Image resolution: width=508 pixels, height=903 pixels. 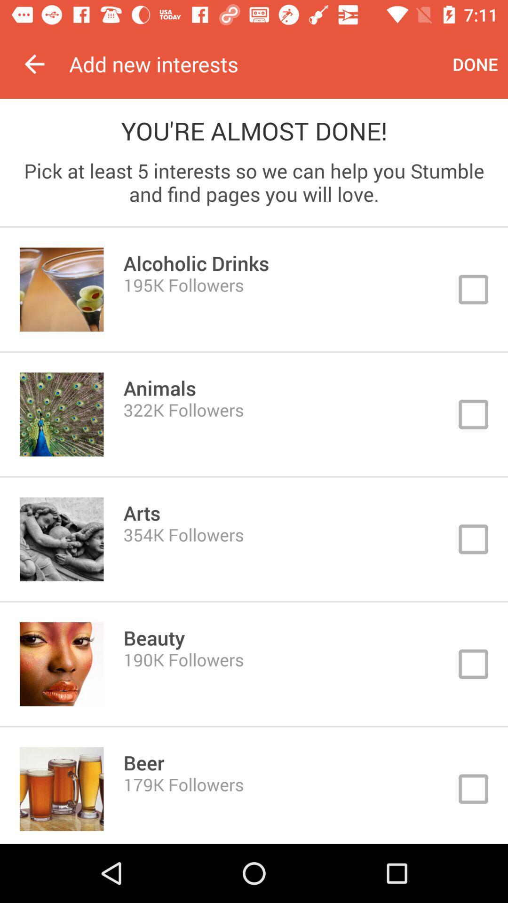 I want to click on the icon to the left of add new interests icon, so click(x=34, y=63).